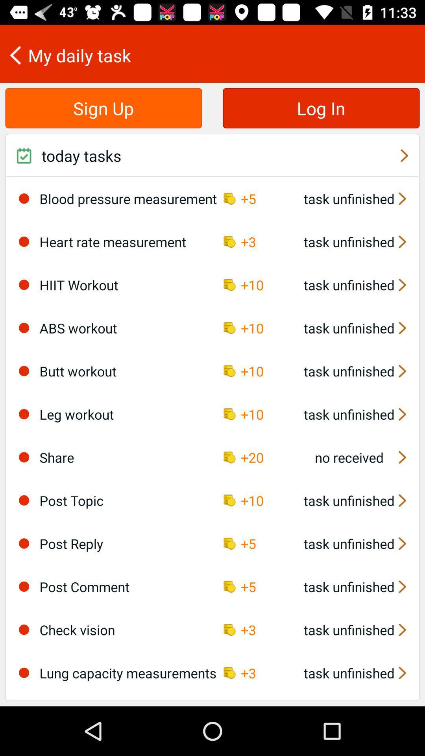  I want to click on icon to the left of post comment icon, so click(24, 586).